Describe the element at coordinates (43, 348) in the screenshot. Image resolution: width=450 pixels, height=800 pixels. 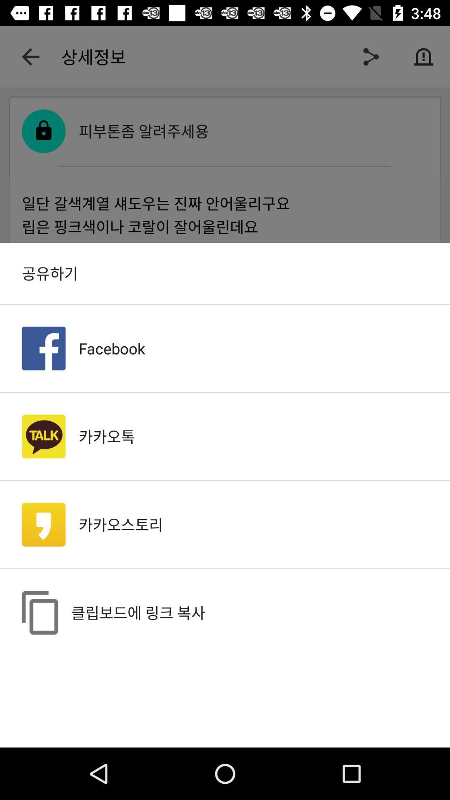
I see `icon next to the facebook icon` at that location.